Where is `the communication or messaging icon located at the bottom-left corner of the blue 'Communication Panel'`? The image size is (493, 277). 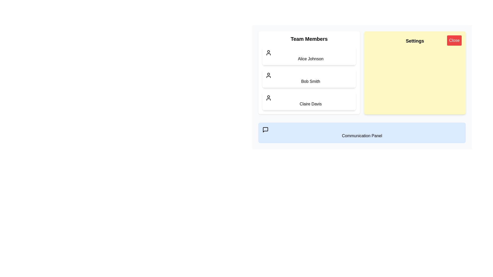
the communication or messaging icon located at the bottom-left corner of the blue 'Communication Panel' is located at coordinates (265, 129).